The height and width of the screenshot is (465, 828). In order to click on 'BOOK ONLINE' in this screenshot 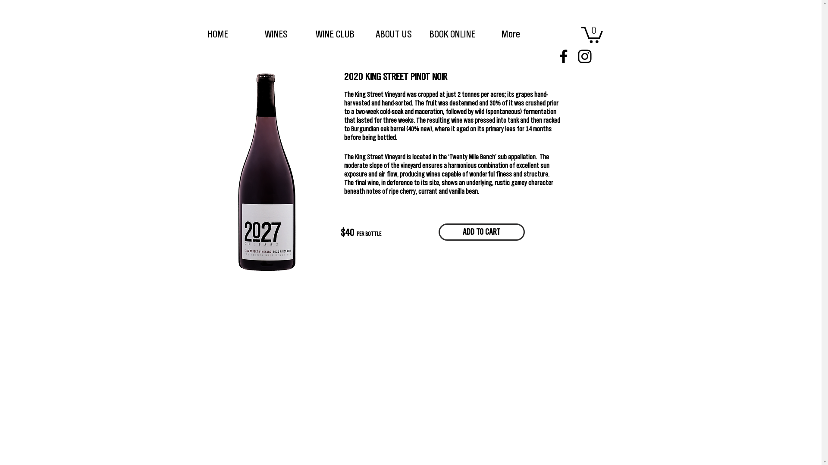, I will do `click(451, 33)`.